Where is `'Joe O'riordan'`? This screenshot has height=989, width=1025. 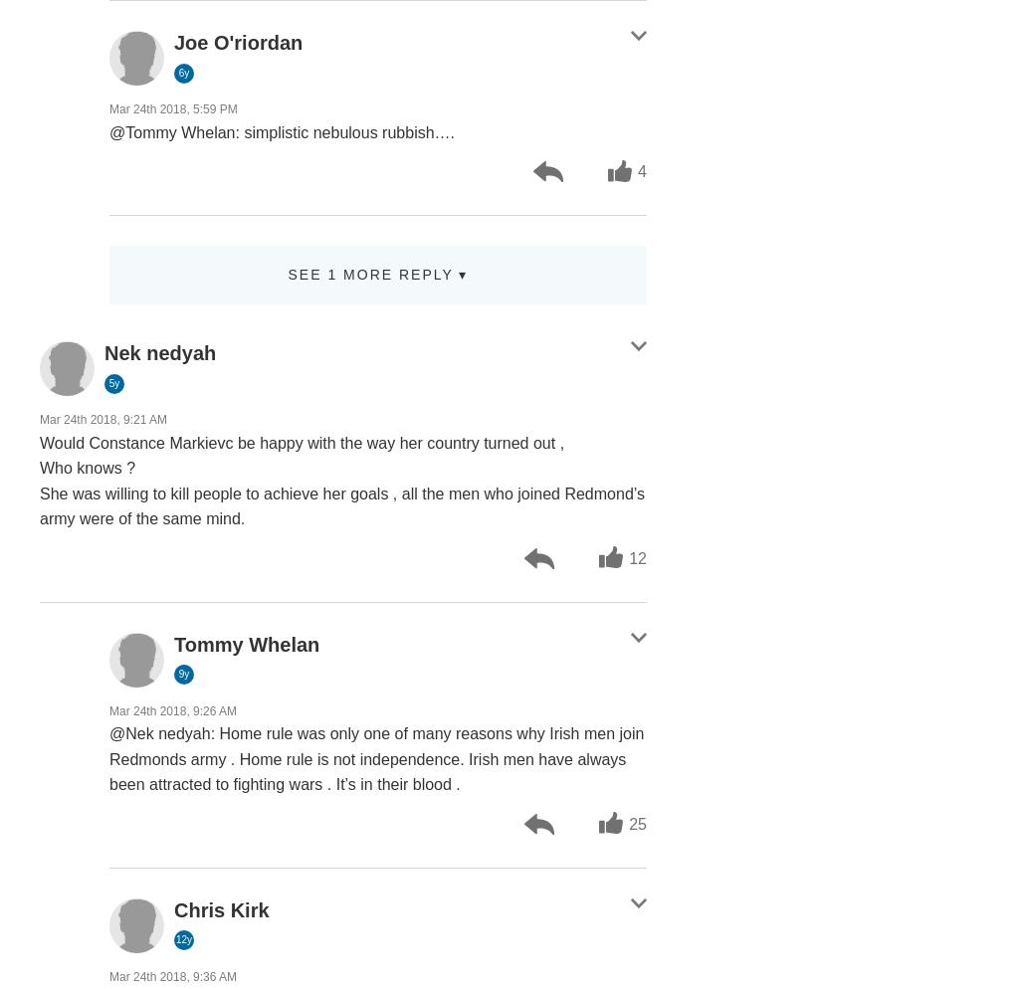 'Joe O'riordan' is located at coordinates (173, 42).